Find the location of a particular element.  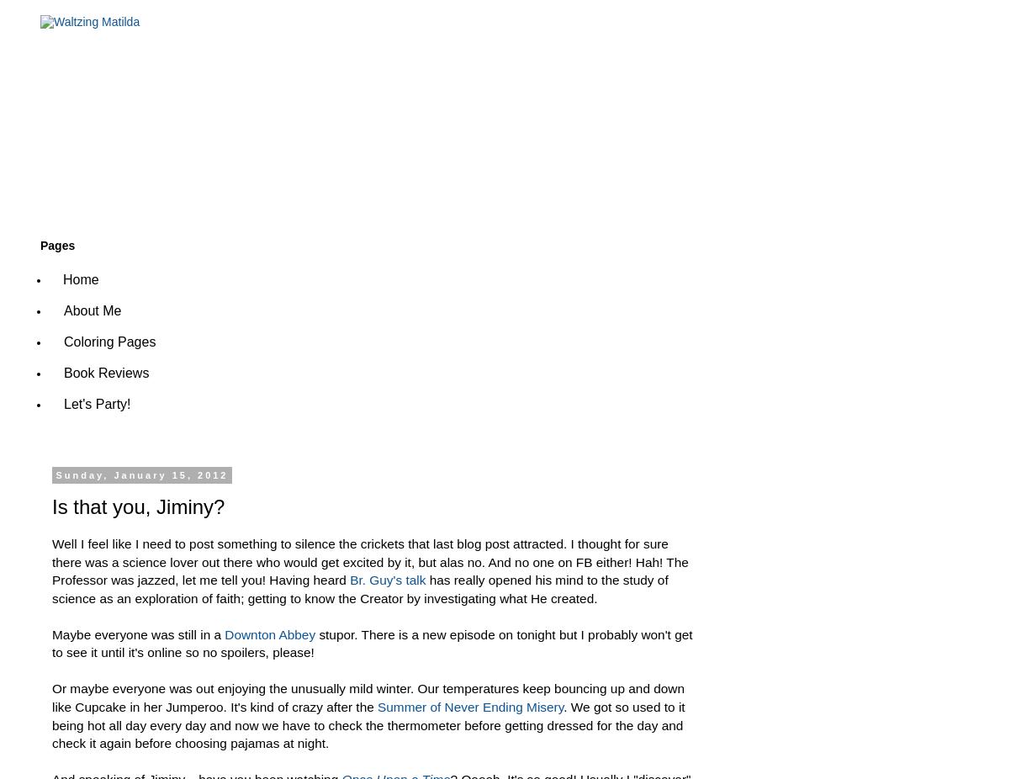

'Summer of Never Ending Misery' is located at coordinates (377, 707).